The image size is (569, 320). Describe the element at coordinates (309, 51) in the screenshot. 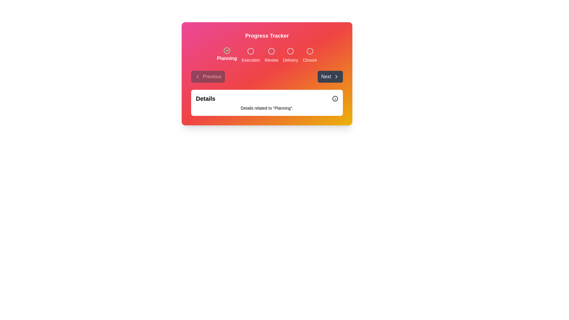

I see `the fifth circle in the progress stage indicator representing 'Closure' to visually inspect its status` at that location.